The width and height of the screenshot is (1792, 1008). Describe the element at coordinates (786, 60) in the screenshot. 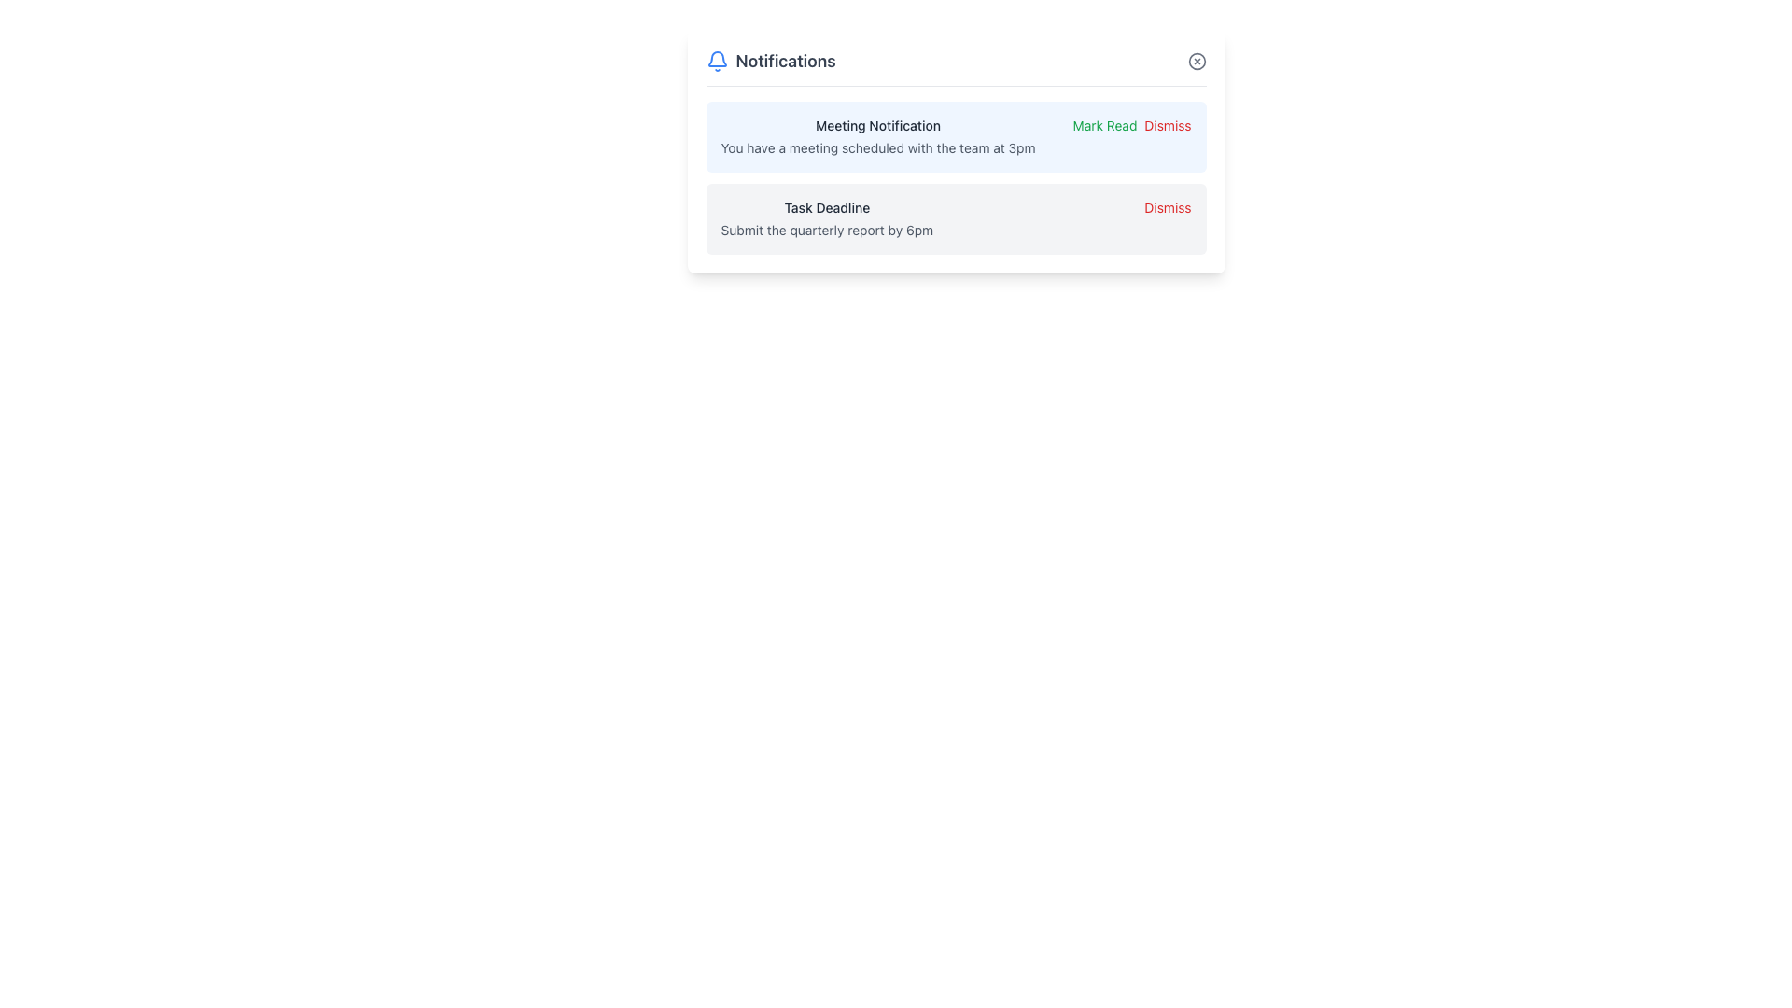

I see `the Static Text Label that indicates the notifications section at the top-center of the notification panel` at that location.